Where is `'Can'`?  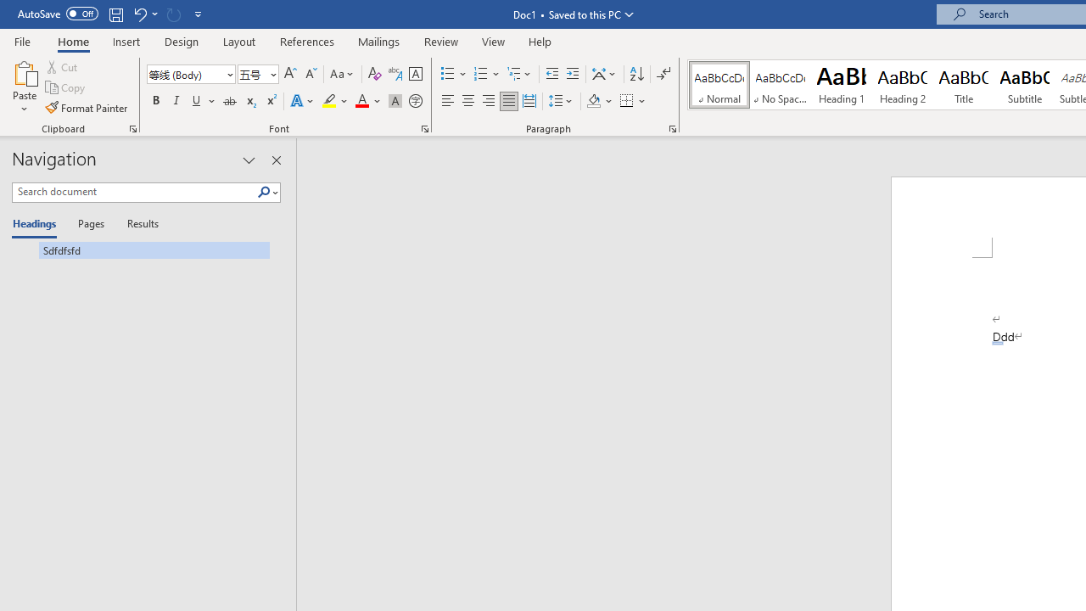 'Can' is located at coordinates (173, 14).